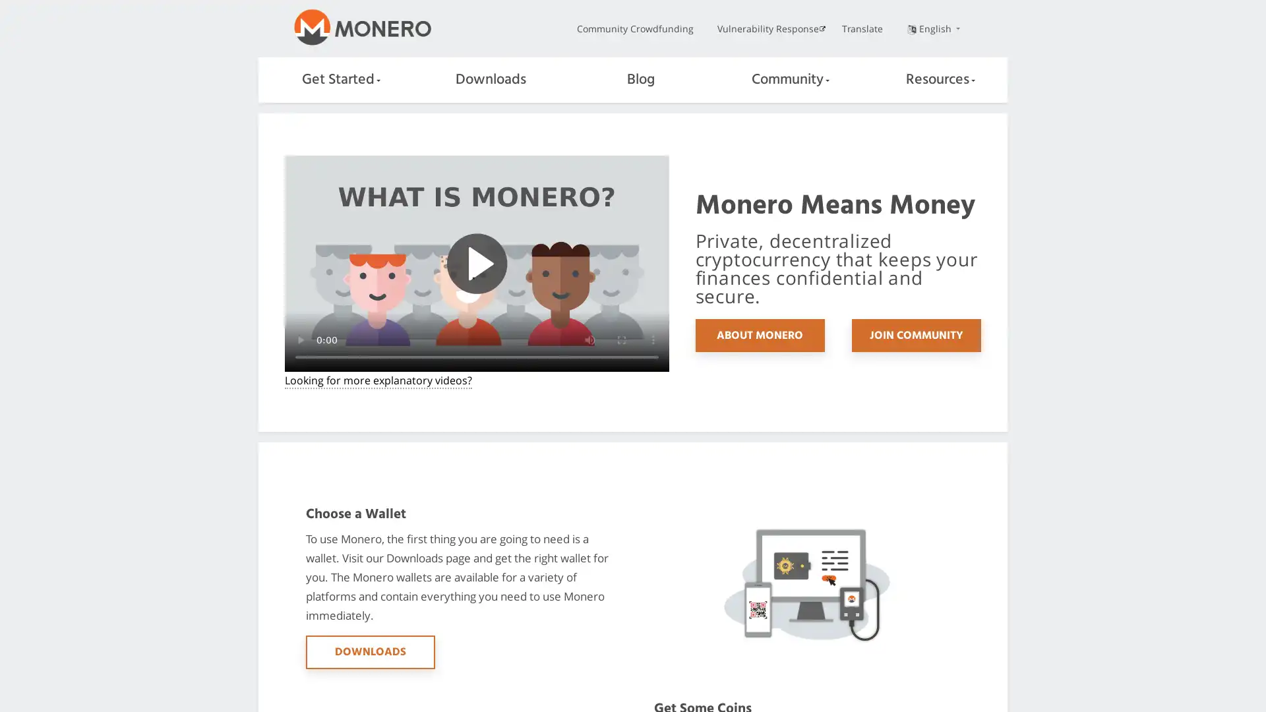  Describe the element at coordinates (588, 340) in the screenshot. I see `mute` at that location.